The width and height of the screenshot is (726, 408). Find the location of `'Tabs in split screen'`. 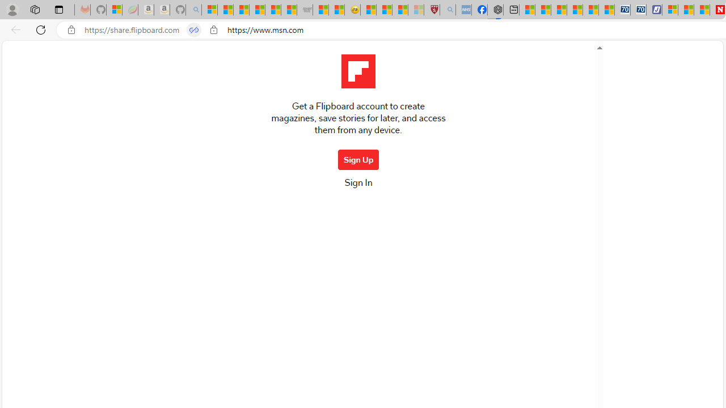

'Tabs in split screen' is located at coordinates (193, 29).